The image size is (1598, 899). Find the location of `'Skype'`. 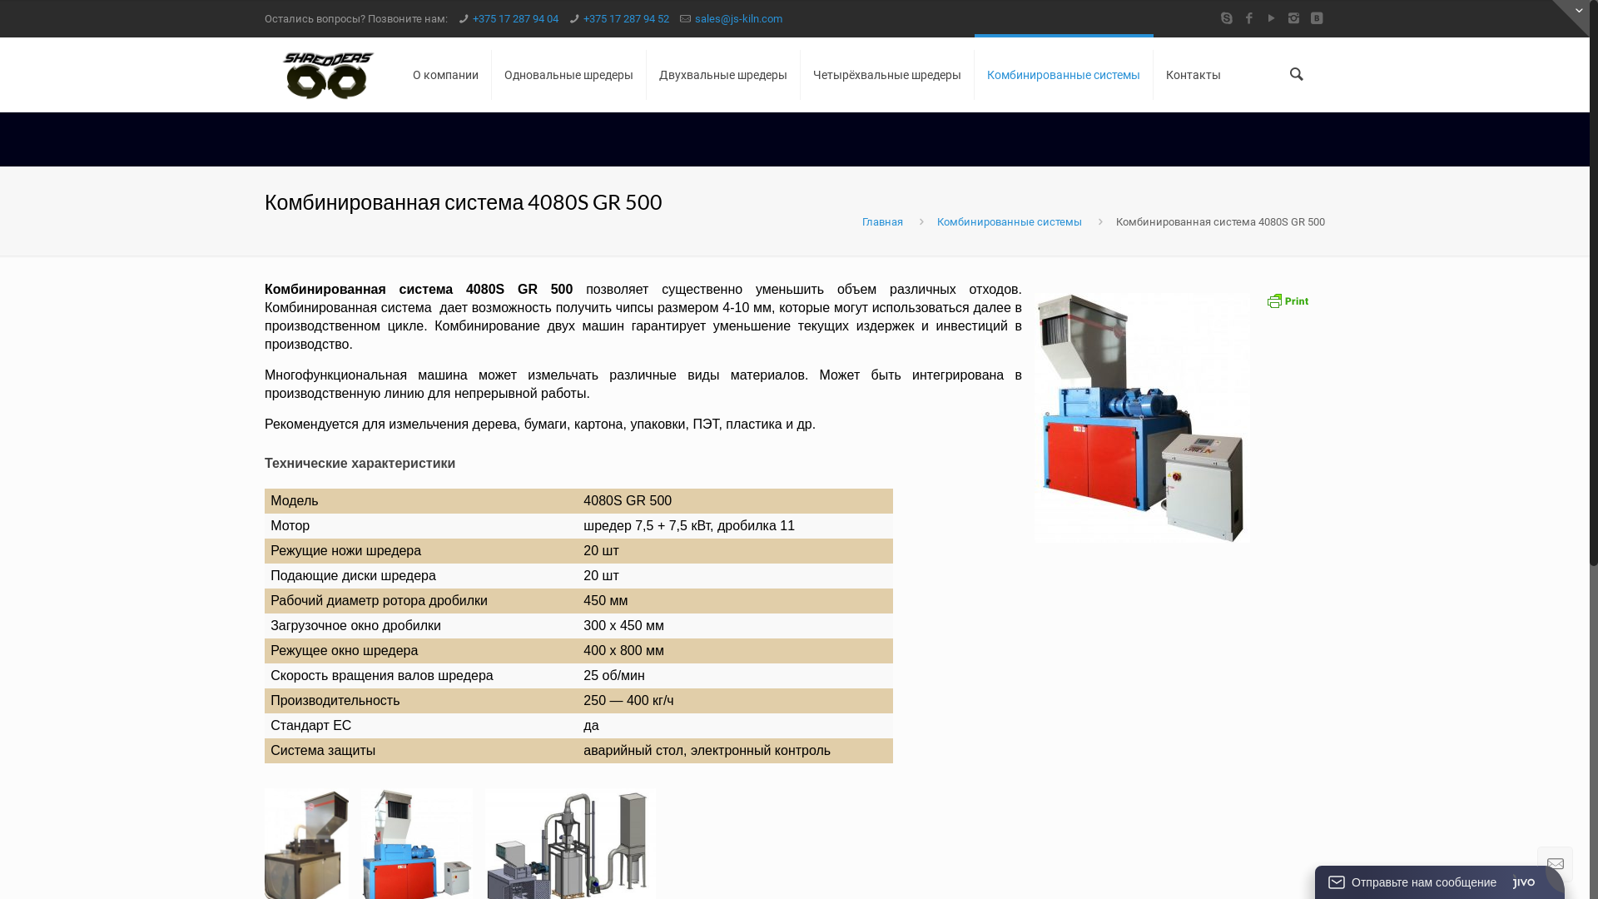

'Skype' is located at coordinates (1226, 18).